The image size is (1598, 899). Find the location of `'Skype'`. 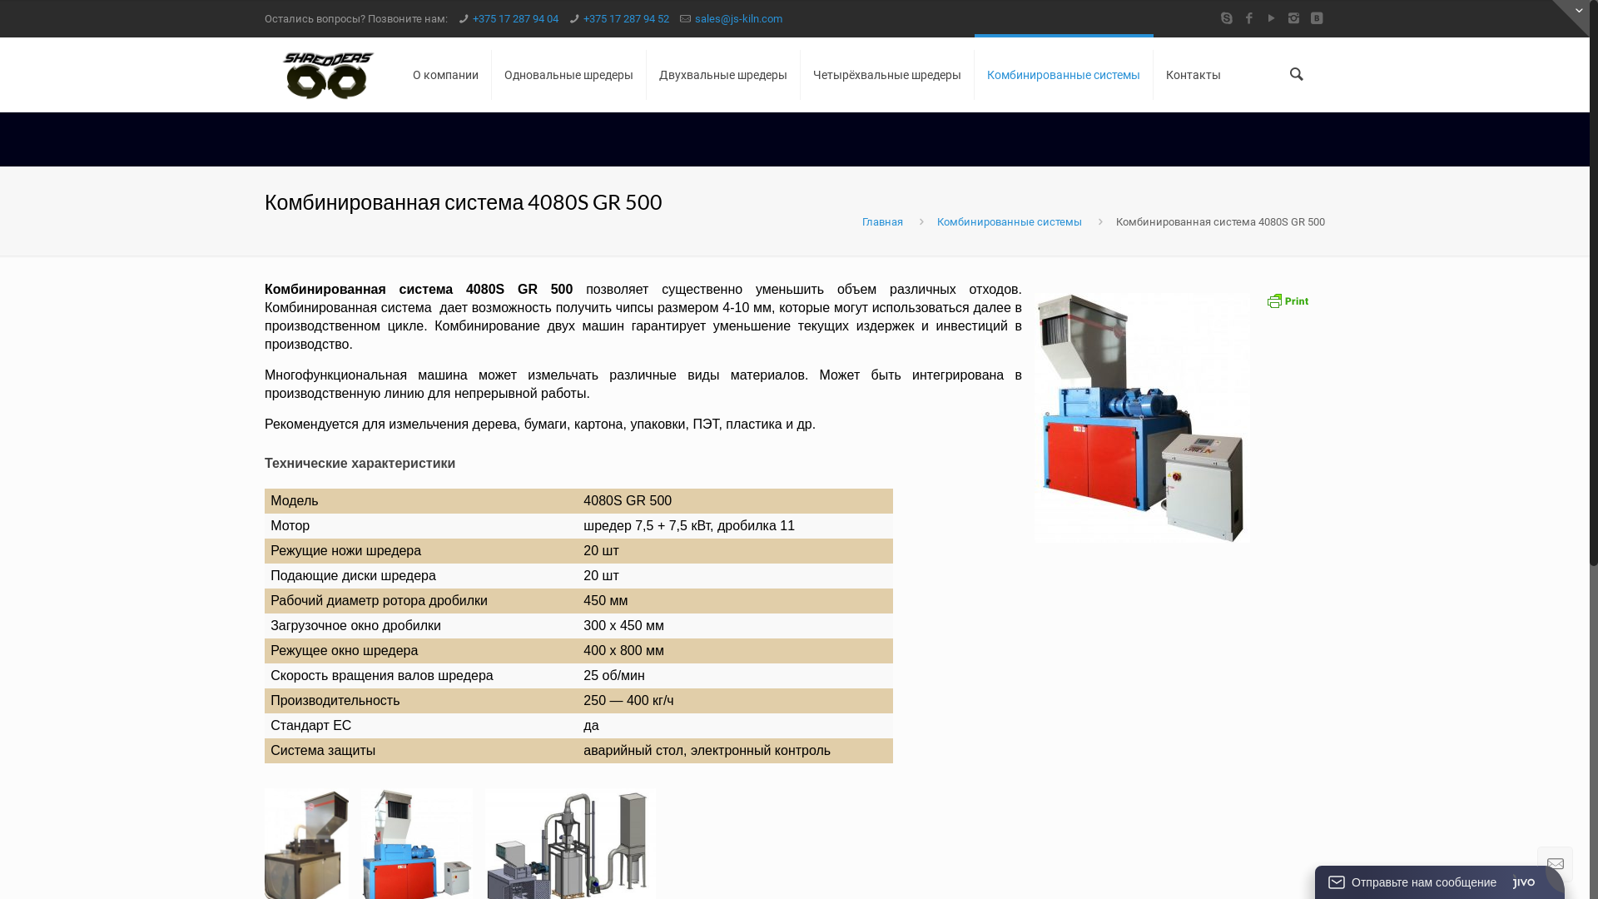

'Skype' is located at coordinates (1226, 18).